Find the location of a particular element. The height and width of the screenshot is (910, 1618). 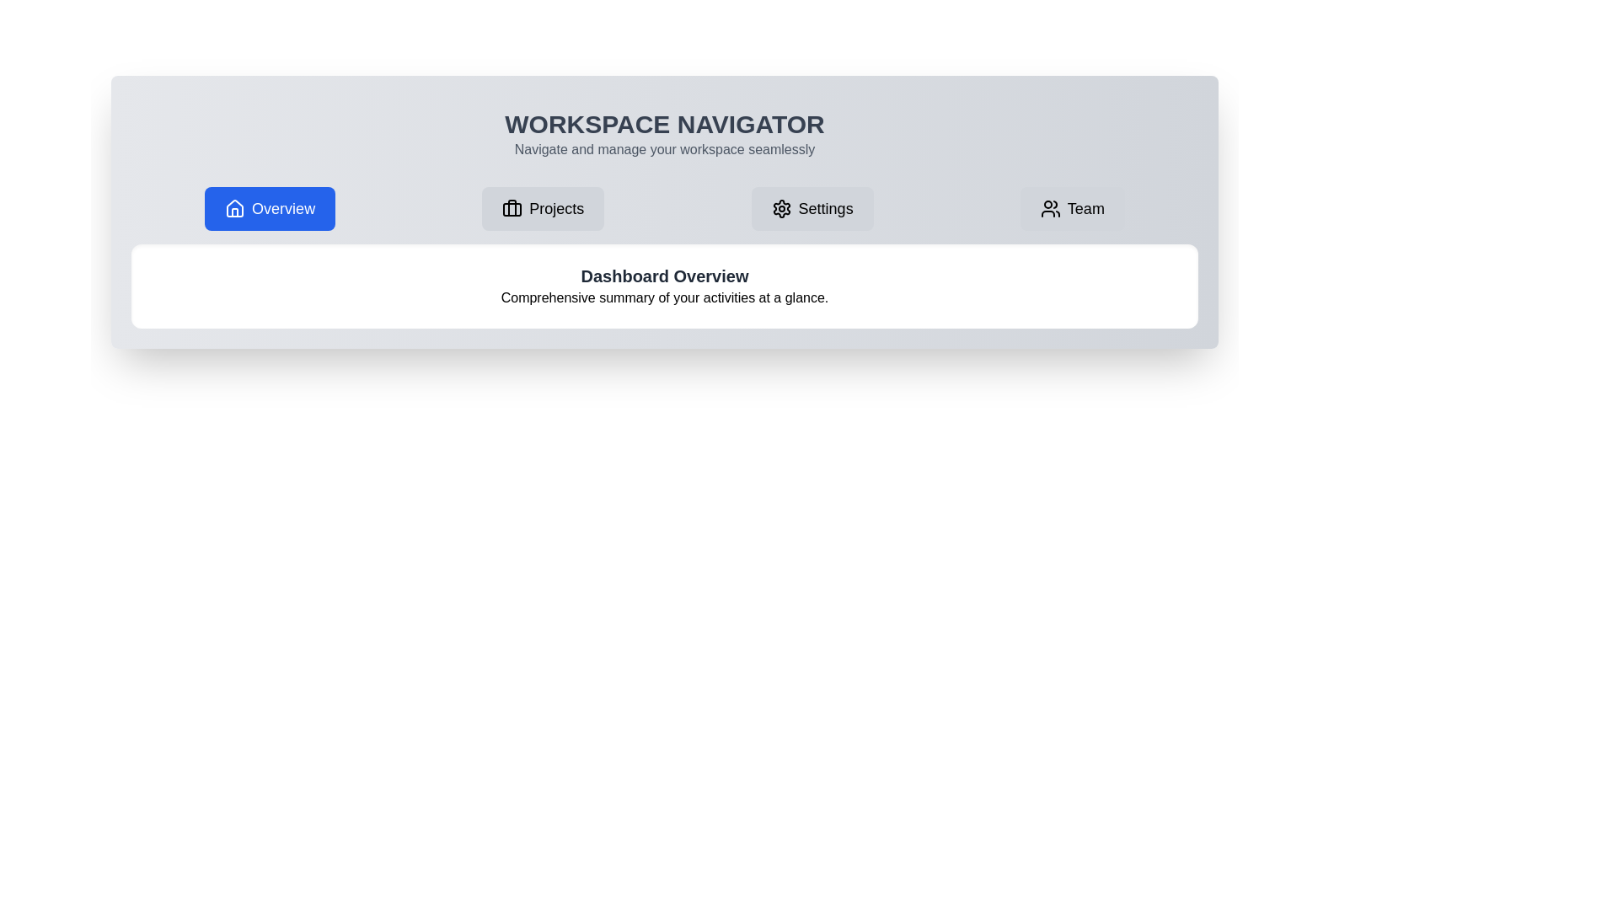

the upper vertical part of the briefcase icon representing the 'Projects' button in the navigation bar is located at coordinates (512, 206).